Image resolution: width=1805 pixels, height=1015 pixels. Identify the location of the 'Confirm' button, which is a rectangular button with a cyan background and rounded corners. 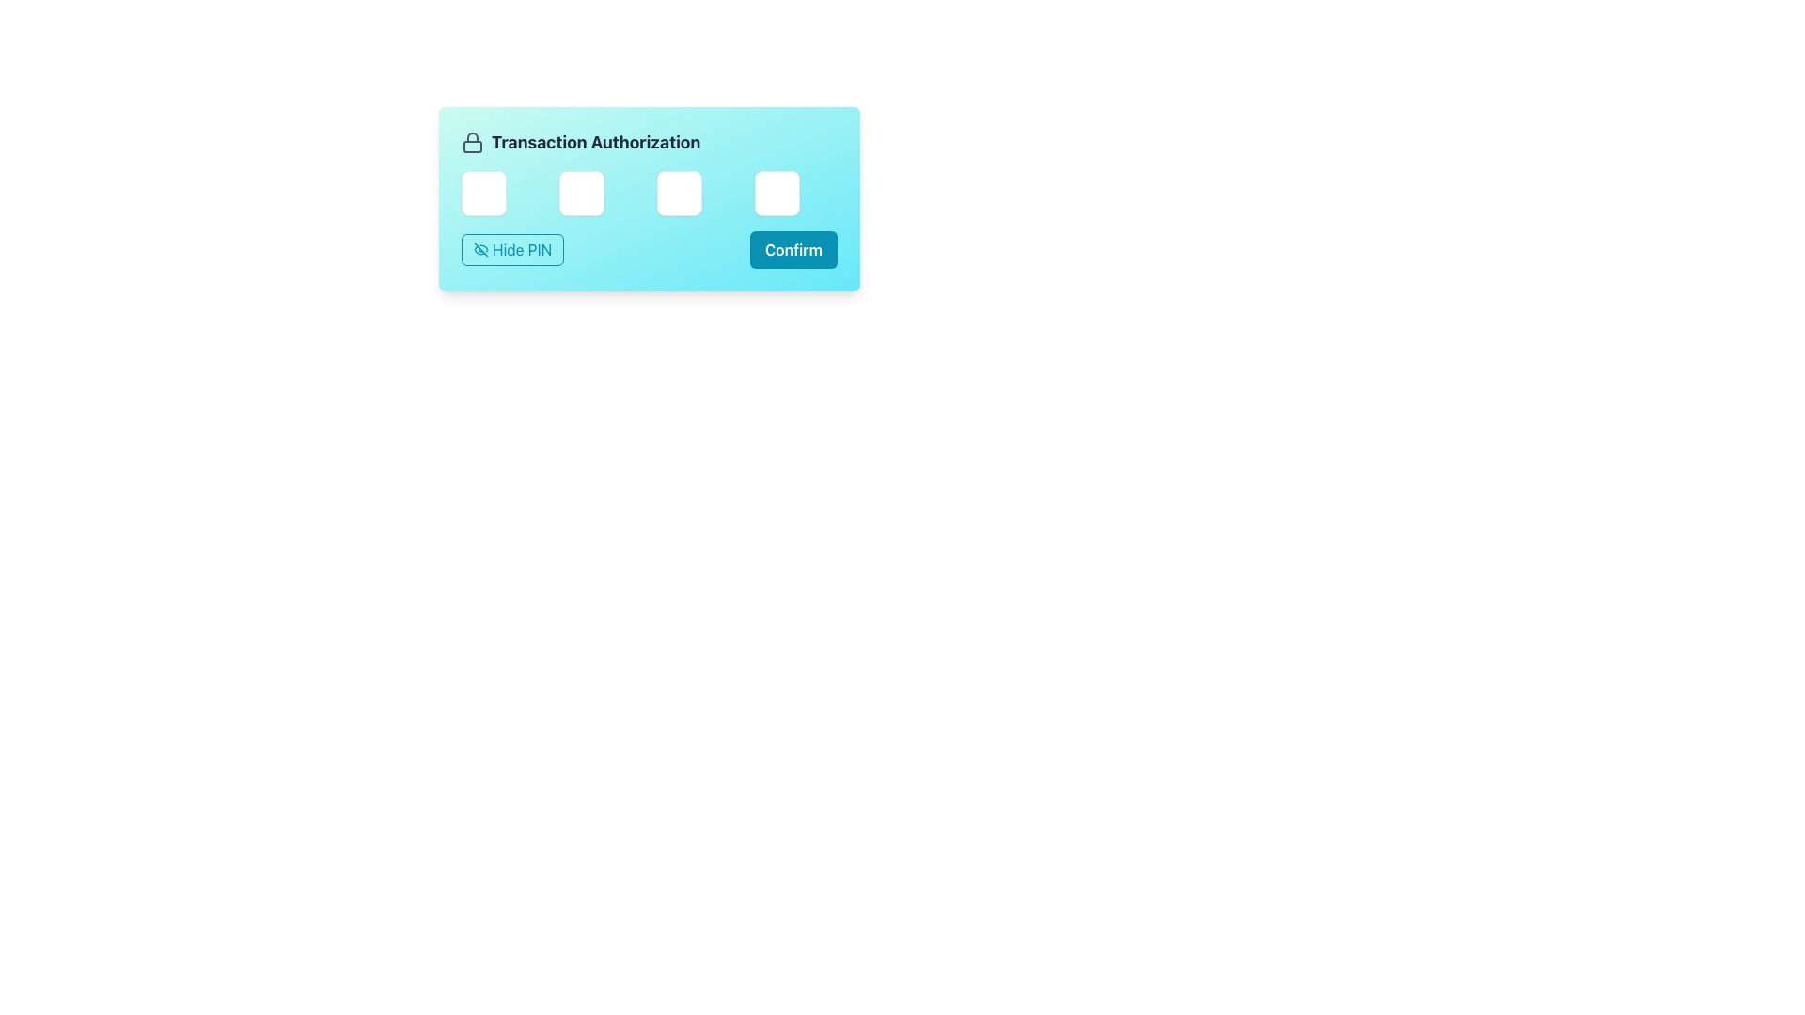
(793, 249).